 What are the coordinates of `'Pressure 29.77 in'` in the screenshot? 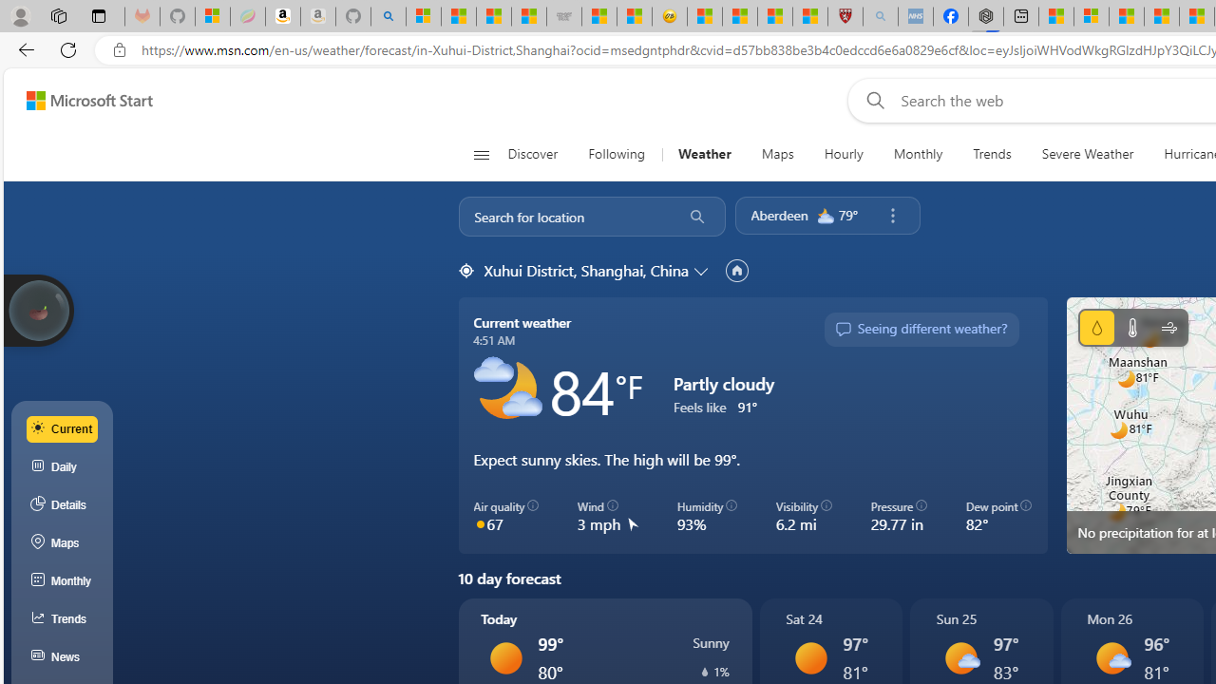 It's located at (898, 516).